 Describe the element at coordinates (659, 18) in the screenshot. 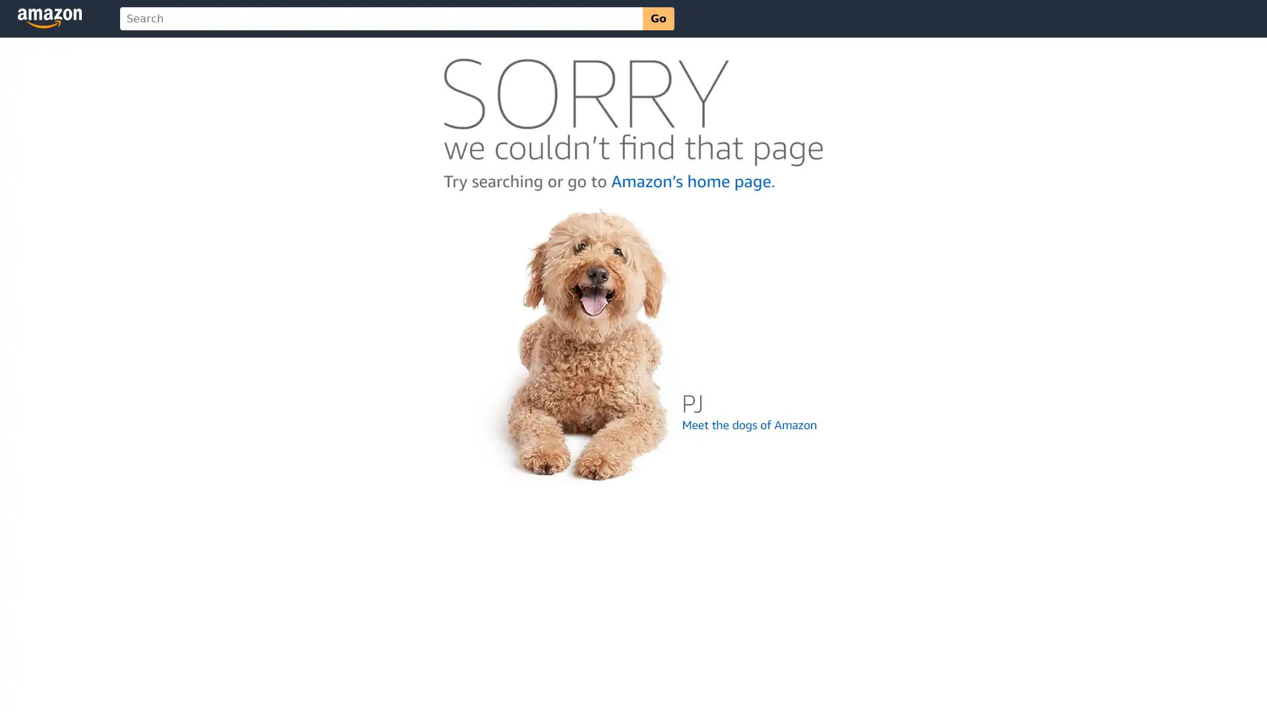

I see `Go` at that location.